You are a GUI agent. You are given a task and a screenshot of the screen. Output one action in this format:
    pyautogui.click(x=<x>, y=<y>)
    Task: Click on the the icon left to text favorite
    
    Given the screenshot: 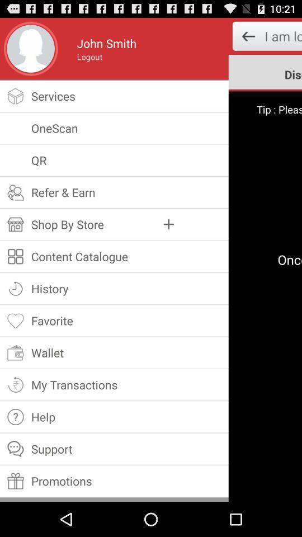 What is the action you would take?
    pyautogui.click(x=15, y=321)
    